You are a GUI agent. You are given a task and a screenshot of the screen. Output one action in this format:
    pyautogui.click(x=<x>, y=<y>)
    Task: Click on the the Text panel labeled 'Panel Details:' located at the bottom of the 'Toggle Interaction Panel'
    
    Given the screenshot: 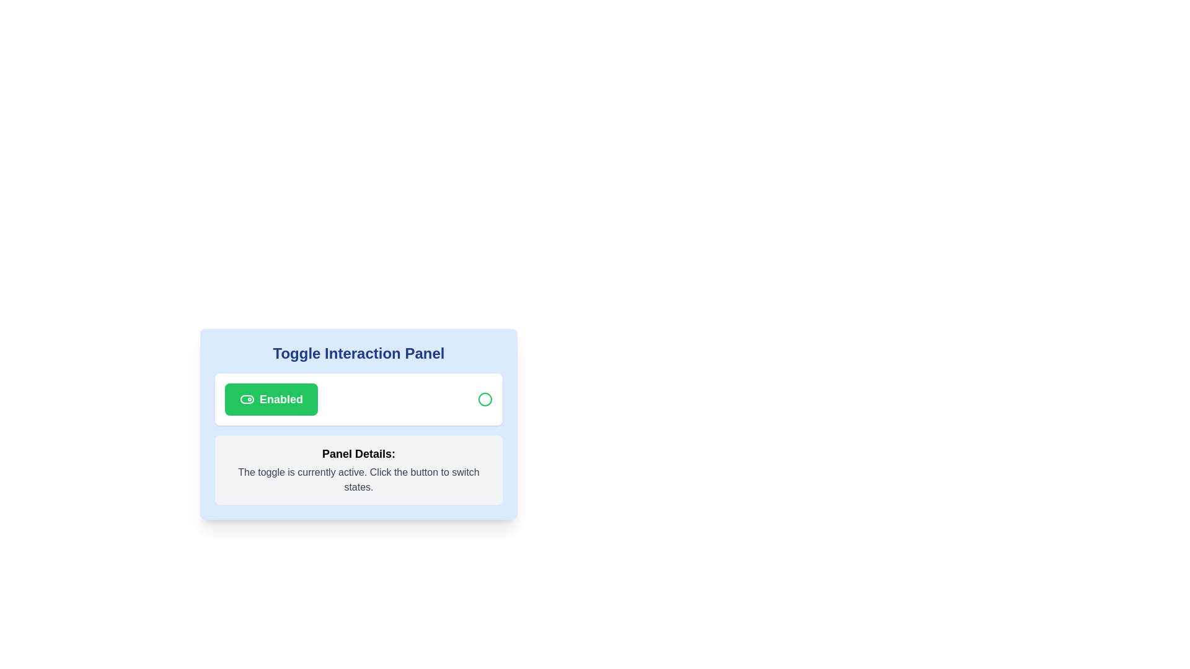 What is the action you would take?
    pyautogui.click(x=358, y=470)
    